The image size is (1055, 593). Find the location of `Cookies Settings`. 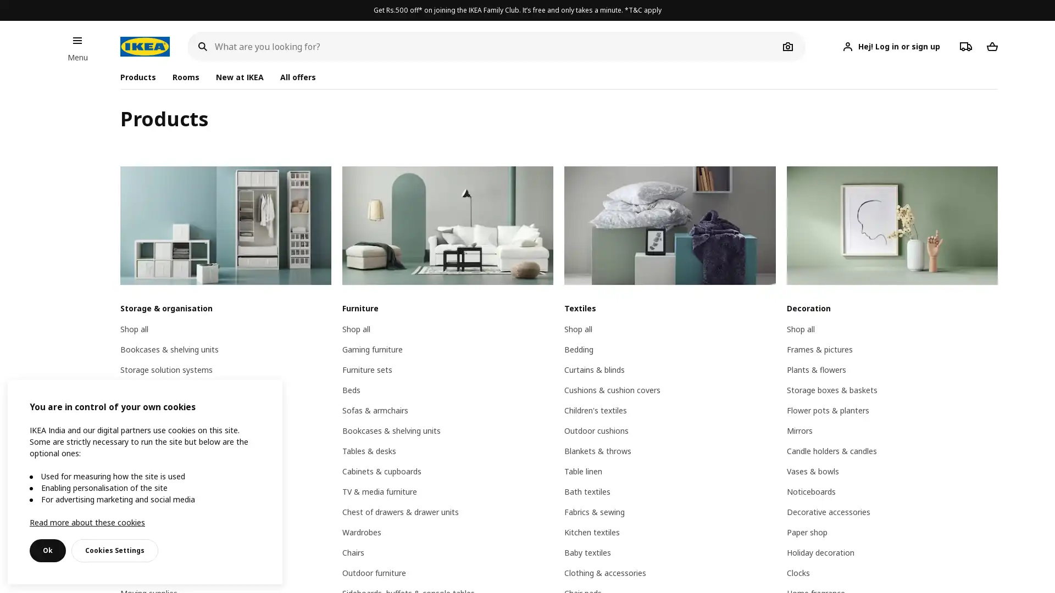

Cookies Settings is located at coordinates (115, 550).